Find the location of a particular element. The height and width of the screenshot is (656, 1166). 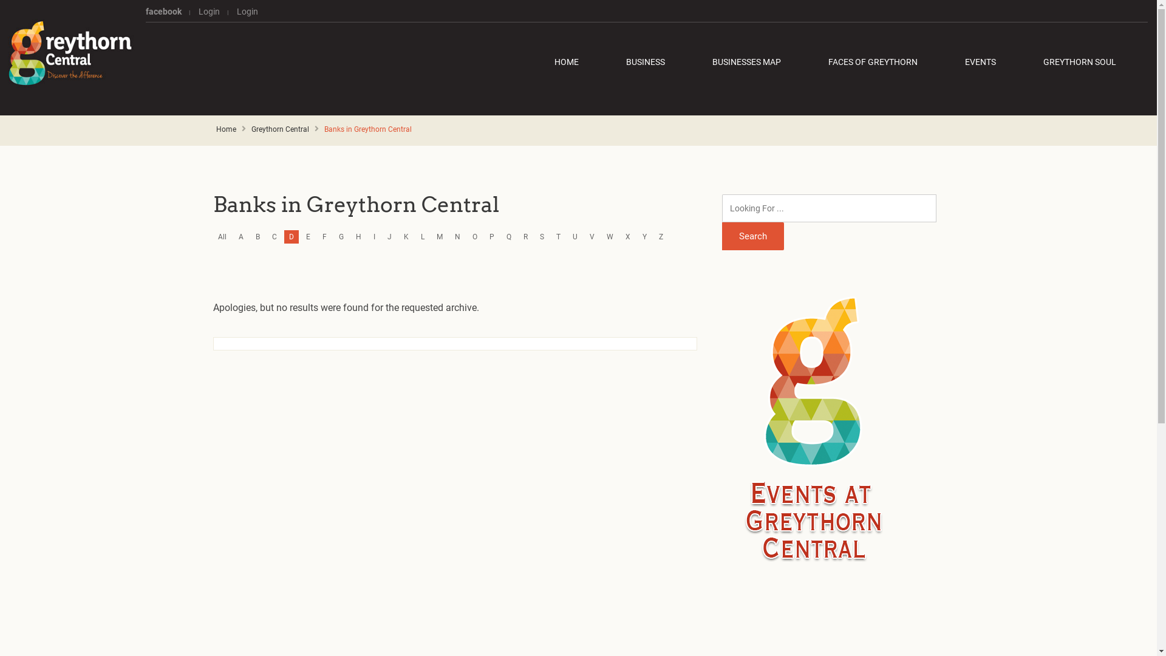

'Greythorn Central' is located at coordinates (279, 129).